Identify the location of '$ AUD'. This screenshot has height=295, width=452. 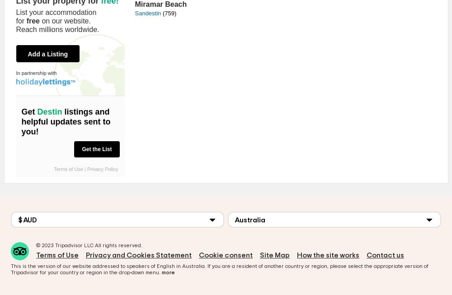
(27, 219).